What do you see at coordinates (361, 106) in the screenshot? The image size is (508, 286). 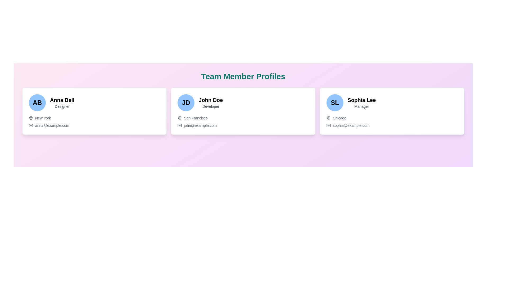 I see `the text element reading 'Manager', which is styled in a small gray font and located below the name 'Sophia Lee' in her profile card` at bounding box center [361, 106].